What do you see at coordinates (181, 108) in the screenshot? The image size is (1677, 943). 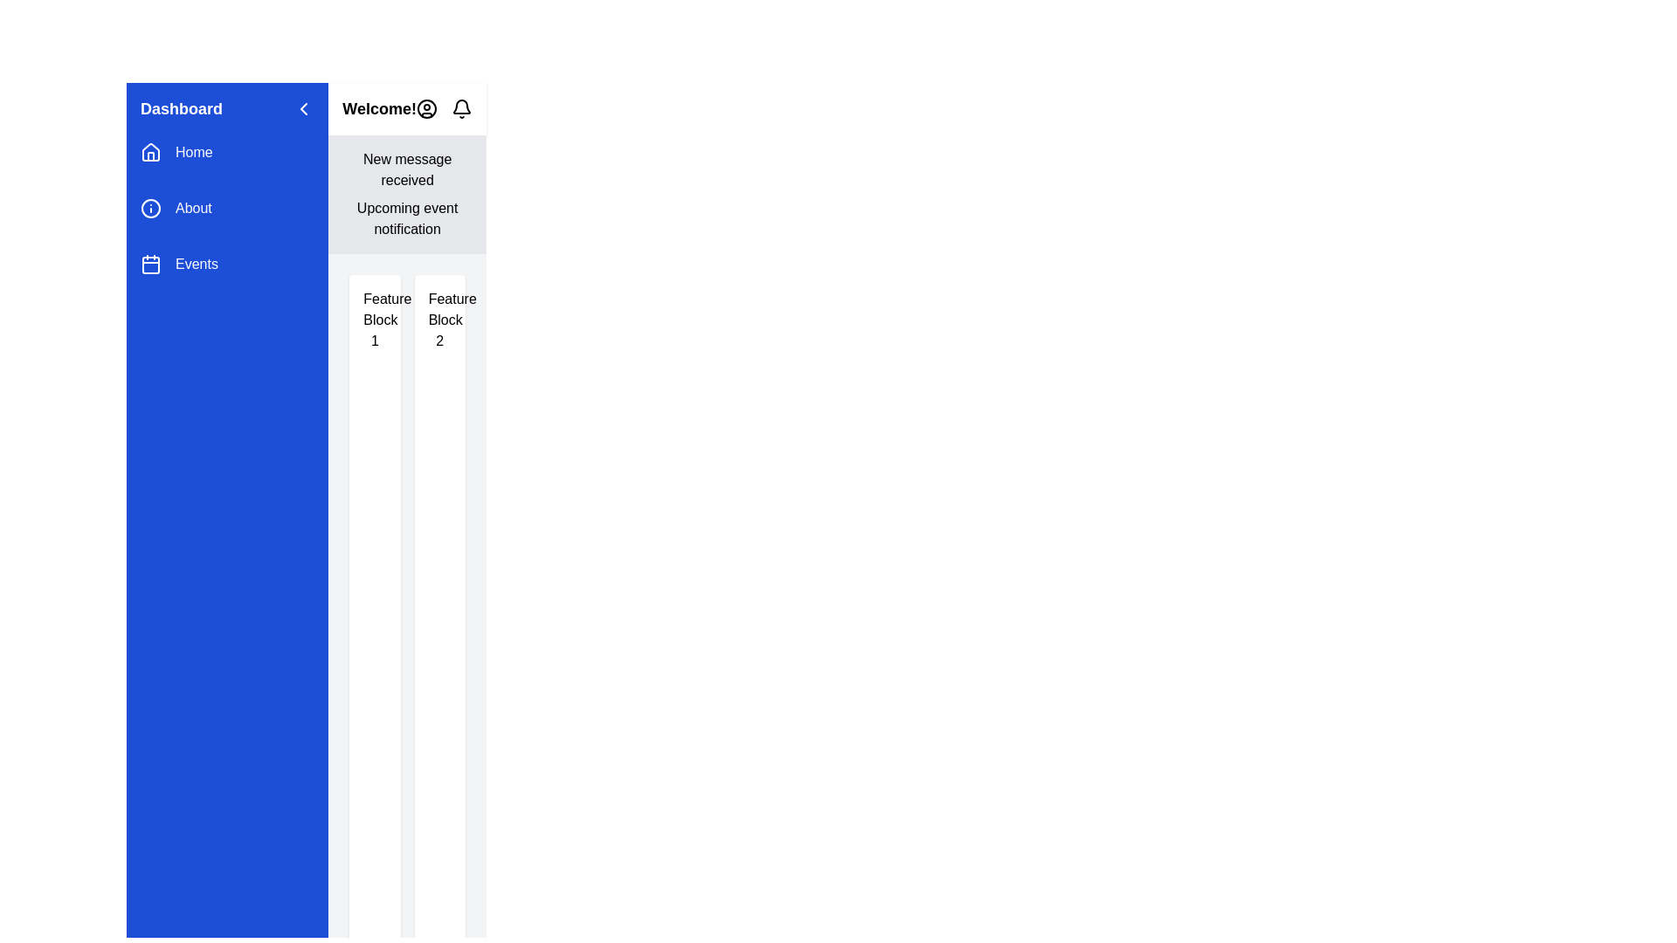 I see `the Text label at the top of the left navigation menu, which indicates the current section of the interface` at bounding box center [181, 108].